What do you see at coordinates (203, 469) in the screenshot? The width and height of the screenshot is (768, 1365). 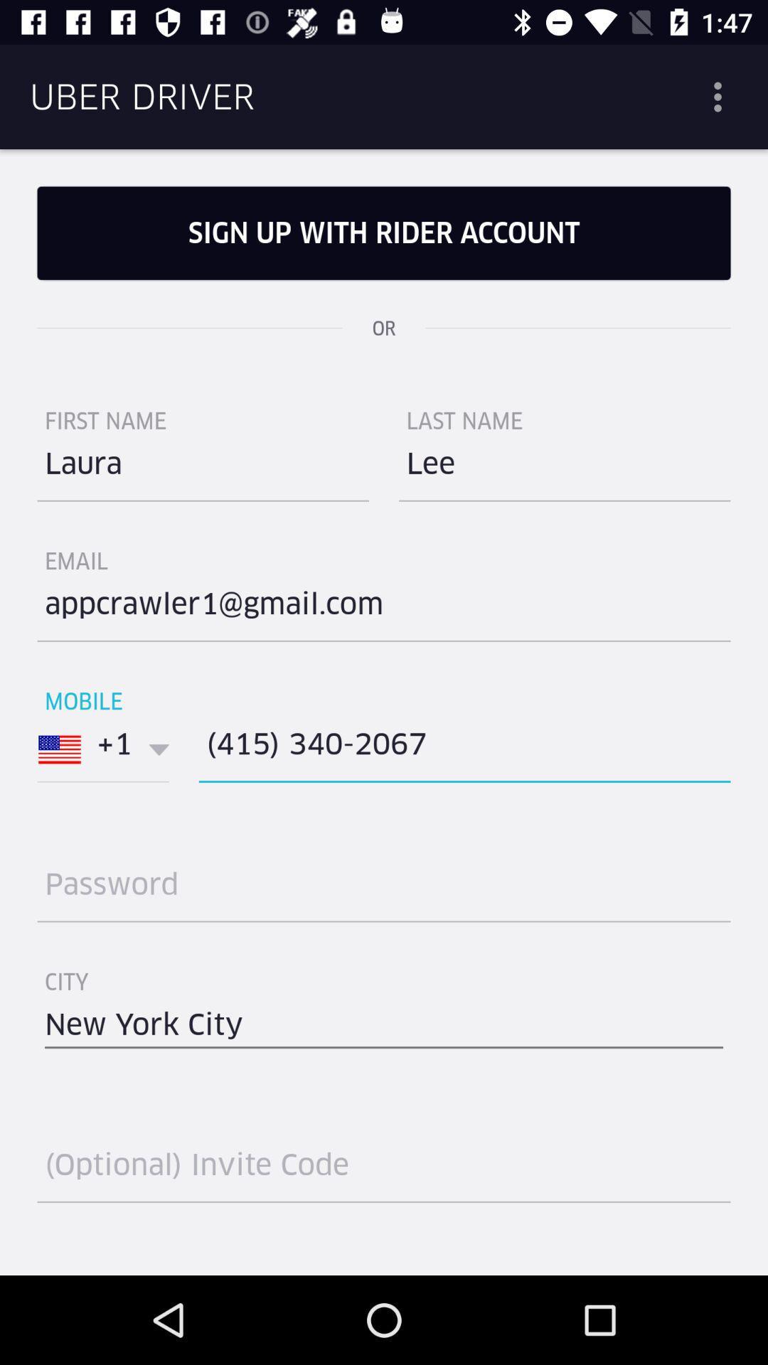 I see `icon above the email icon` at bounding box center [203, 469].